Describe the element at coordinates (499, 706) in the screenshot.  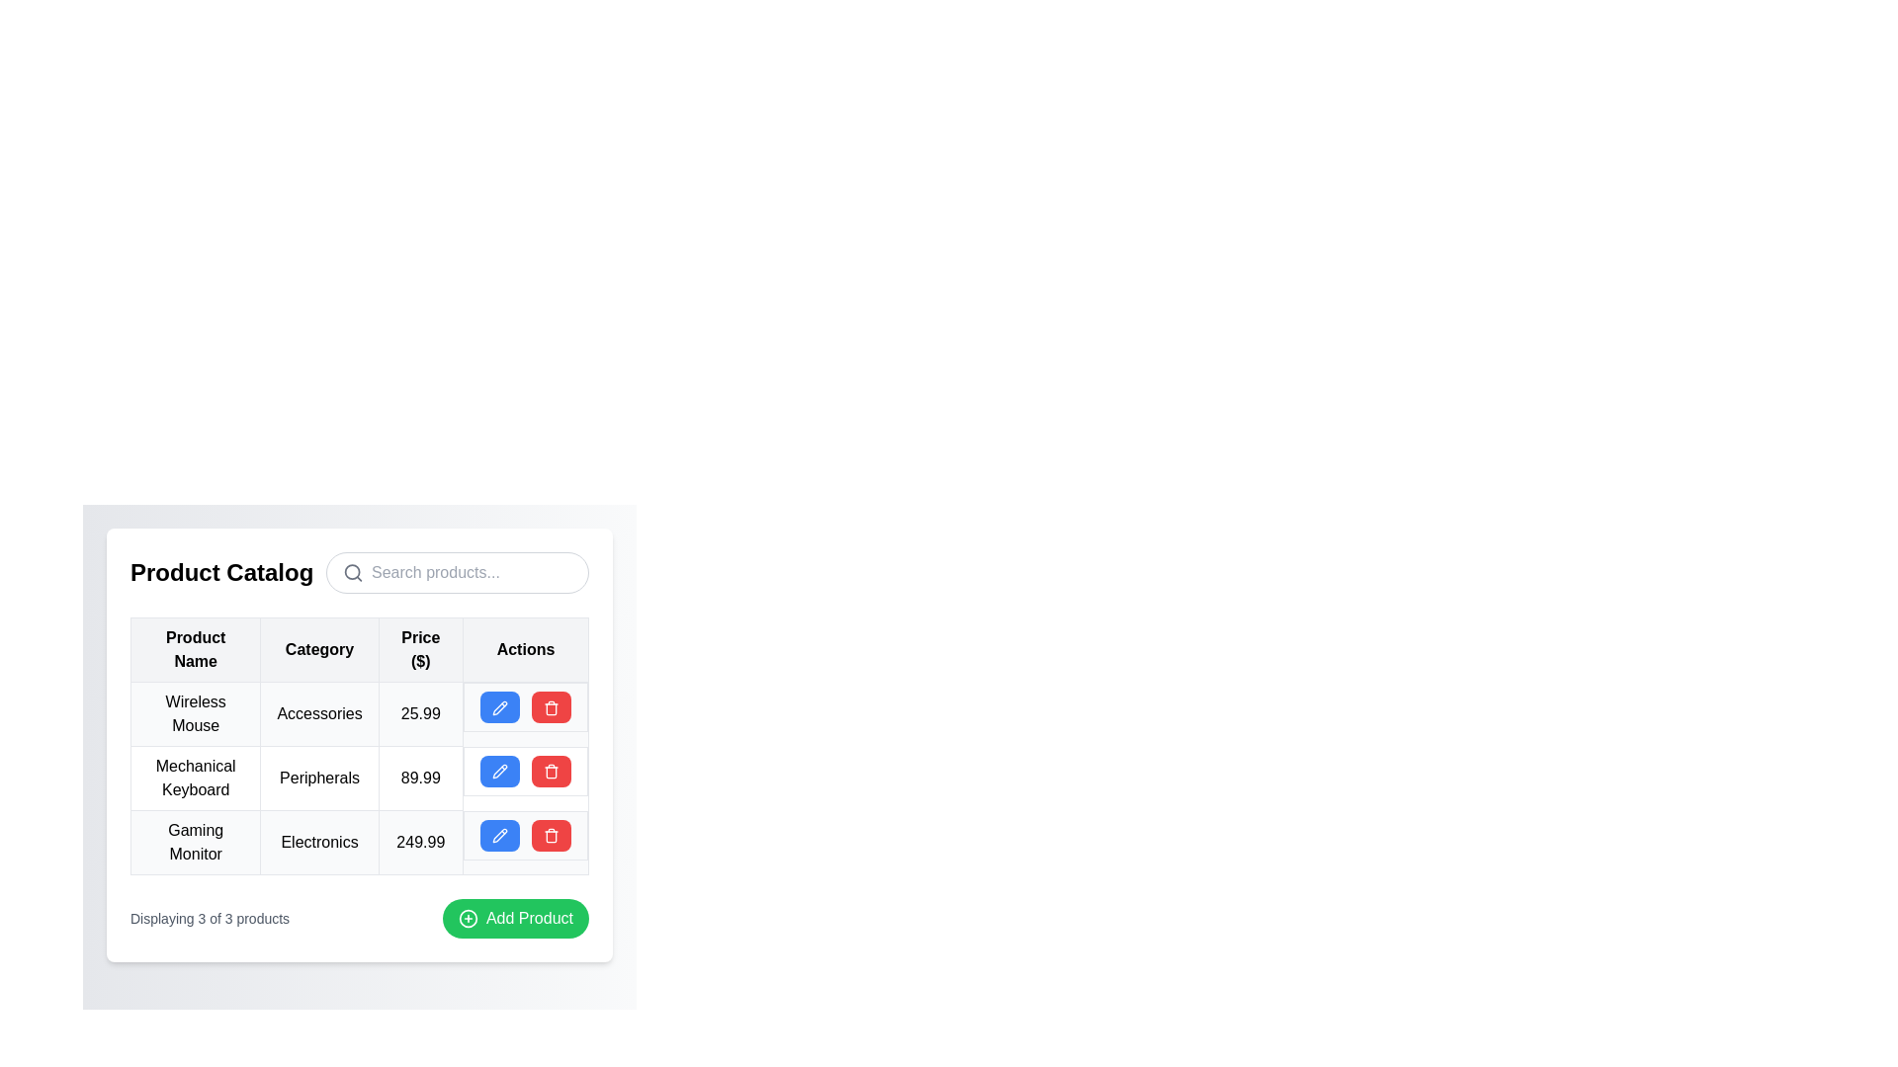
I see `the pencil icon within the Actions column of the product catalog table for the Mechanical Keyboard to initiate editing` at that location.